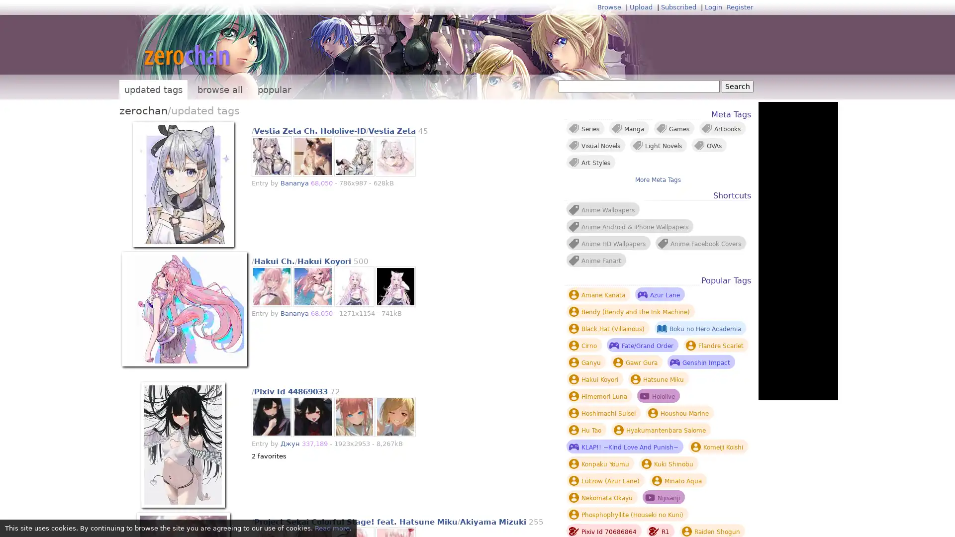 This screenshot has width=955, height=537. What do you see at coordinates (738, 86) in the screenshot?
I see `Search` at bounding box center [738, 86].